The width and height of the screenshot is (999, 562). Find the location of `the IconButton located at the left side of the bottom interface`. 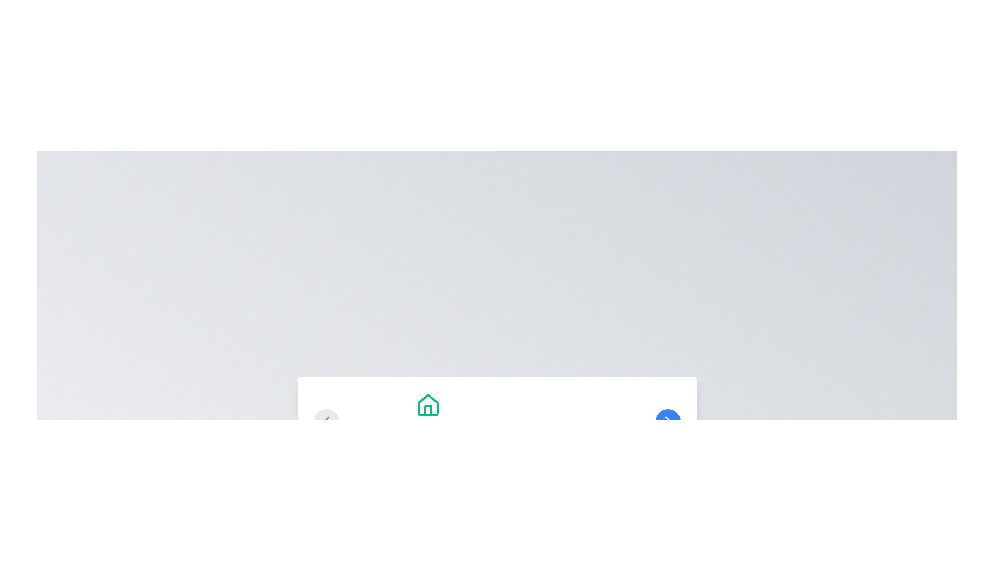

the IconButton located at the left side of the bottom interface is located at coordinates (326, 421).